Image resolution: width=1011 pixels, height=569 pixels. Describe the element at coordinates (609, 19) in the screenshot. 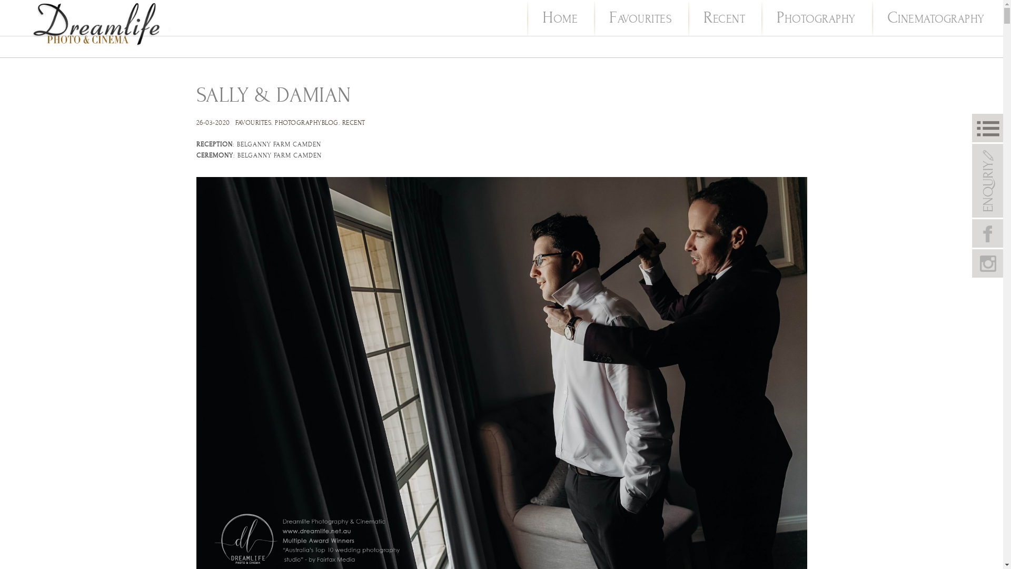

I see `'FAVOURITES'` at that location.